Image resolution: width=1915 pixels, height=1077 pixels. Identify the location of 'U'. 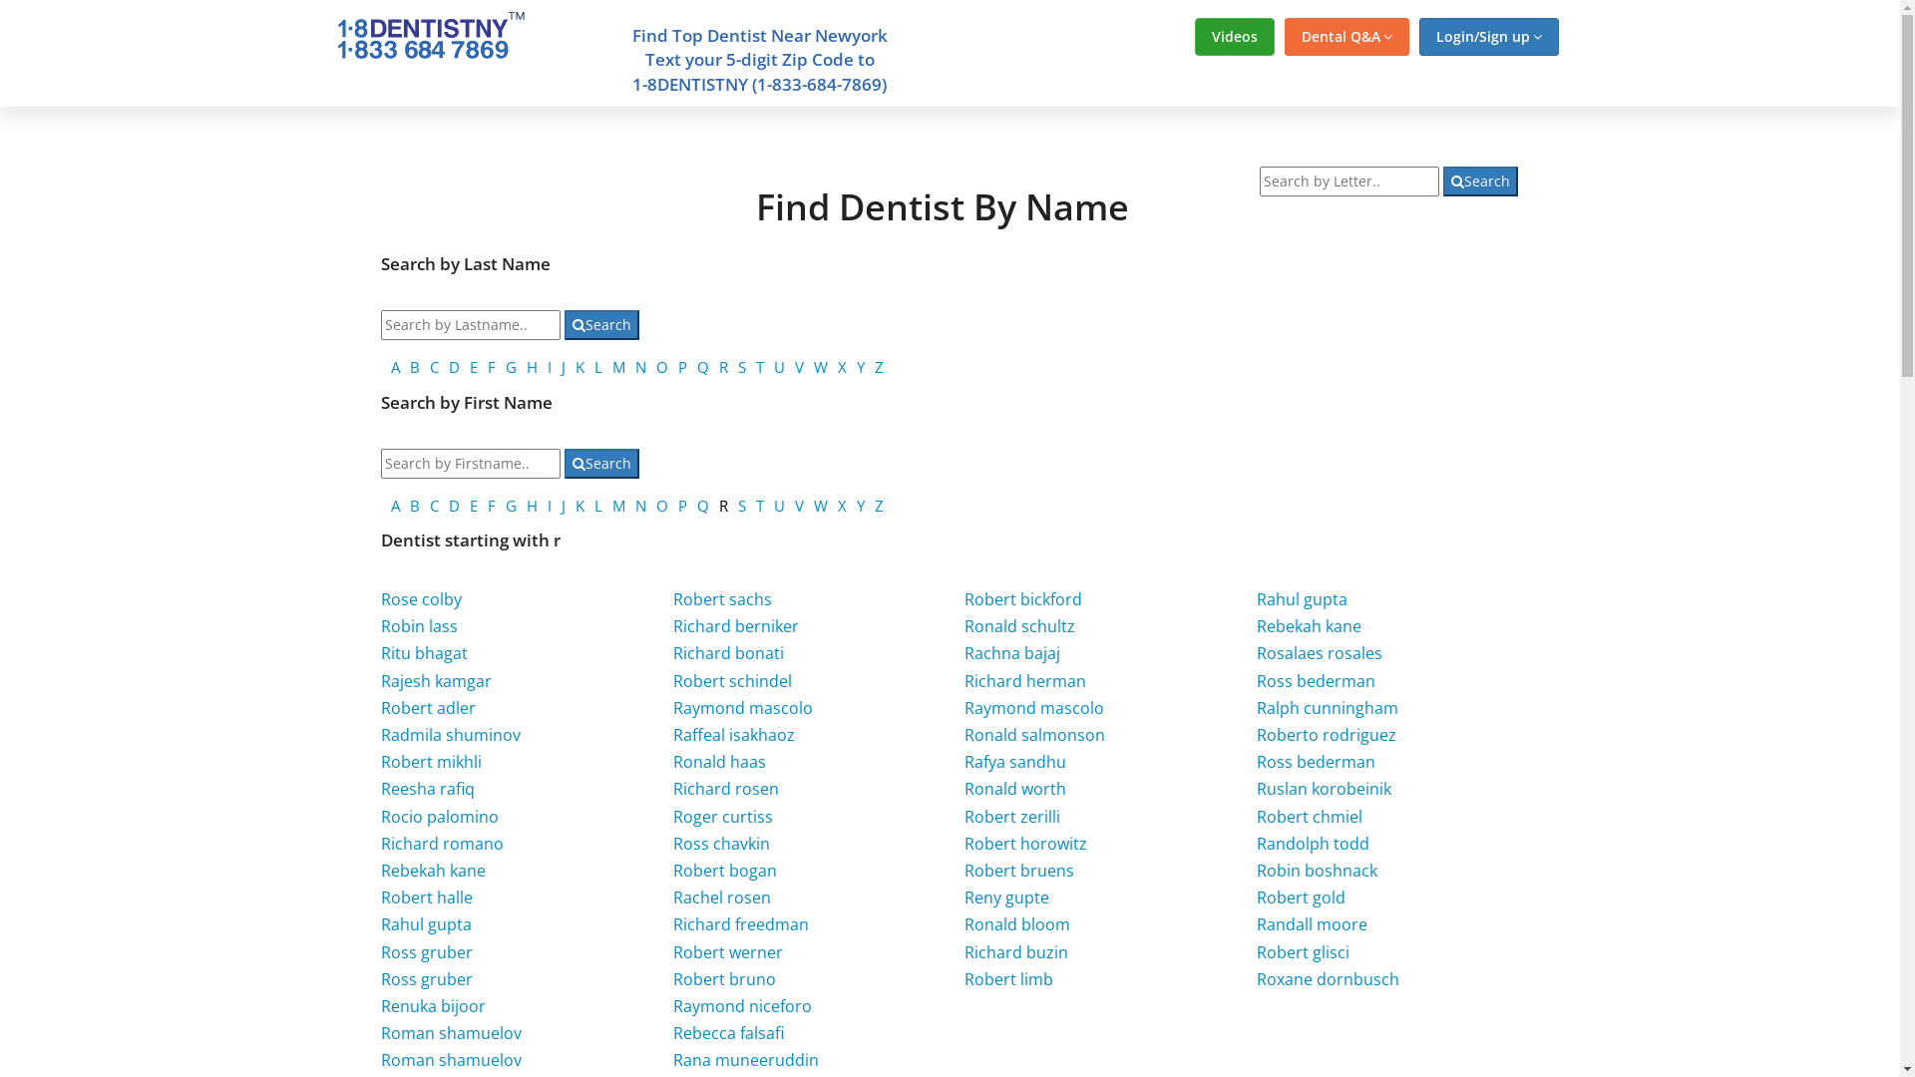
(778, 366).